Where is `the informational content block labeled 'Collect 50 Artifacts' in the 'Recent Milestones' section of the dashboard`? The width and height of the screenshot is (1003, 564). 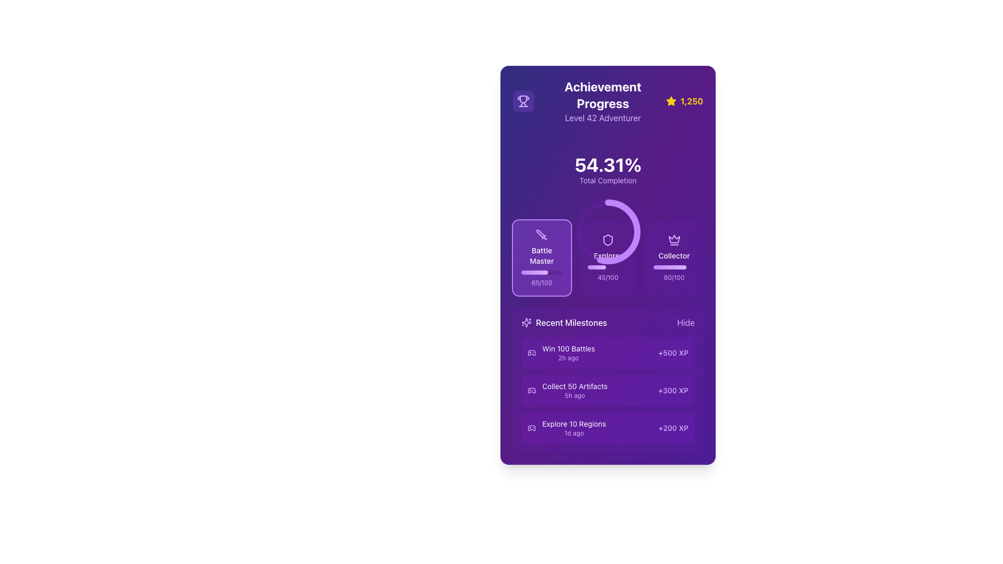
the informational content block labeled 'Collect 50 Artifacts' in the 'Recent Milestones' section of the dashboard is located at coordinates (567, 391).